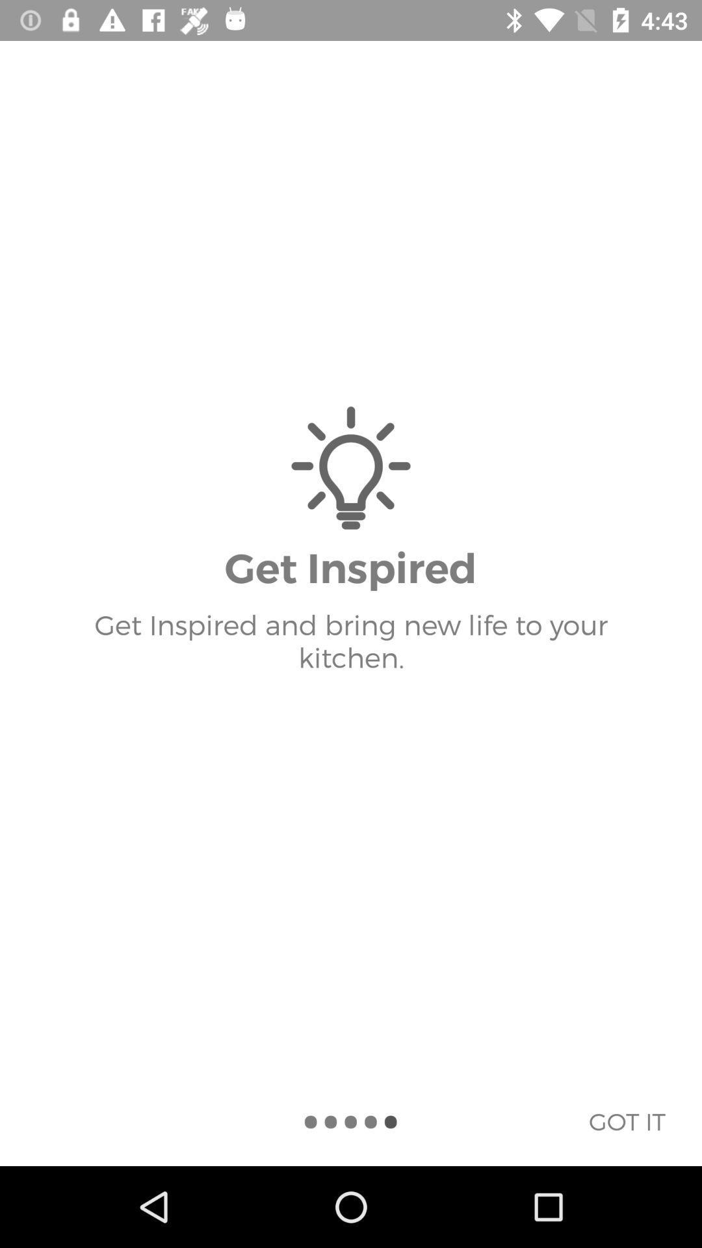  Describe the element at coordinates (626, 1121) in the screenshot. I see `got it at the bottom right corner` at that location.